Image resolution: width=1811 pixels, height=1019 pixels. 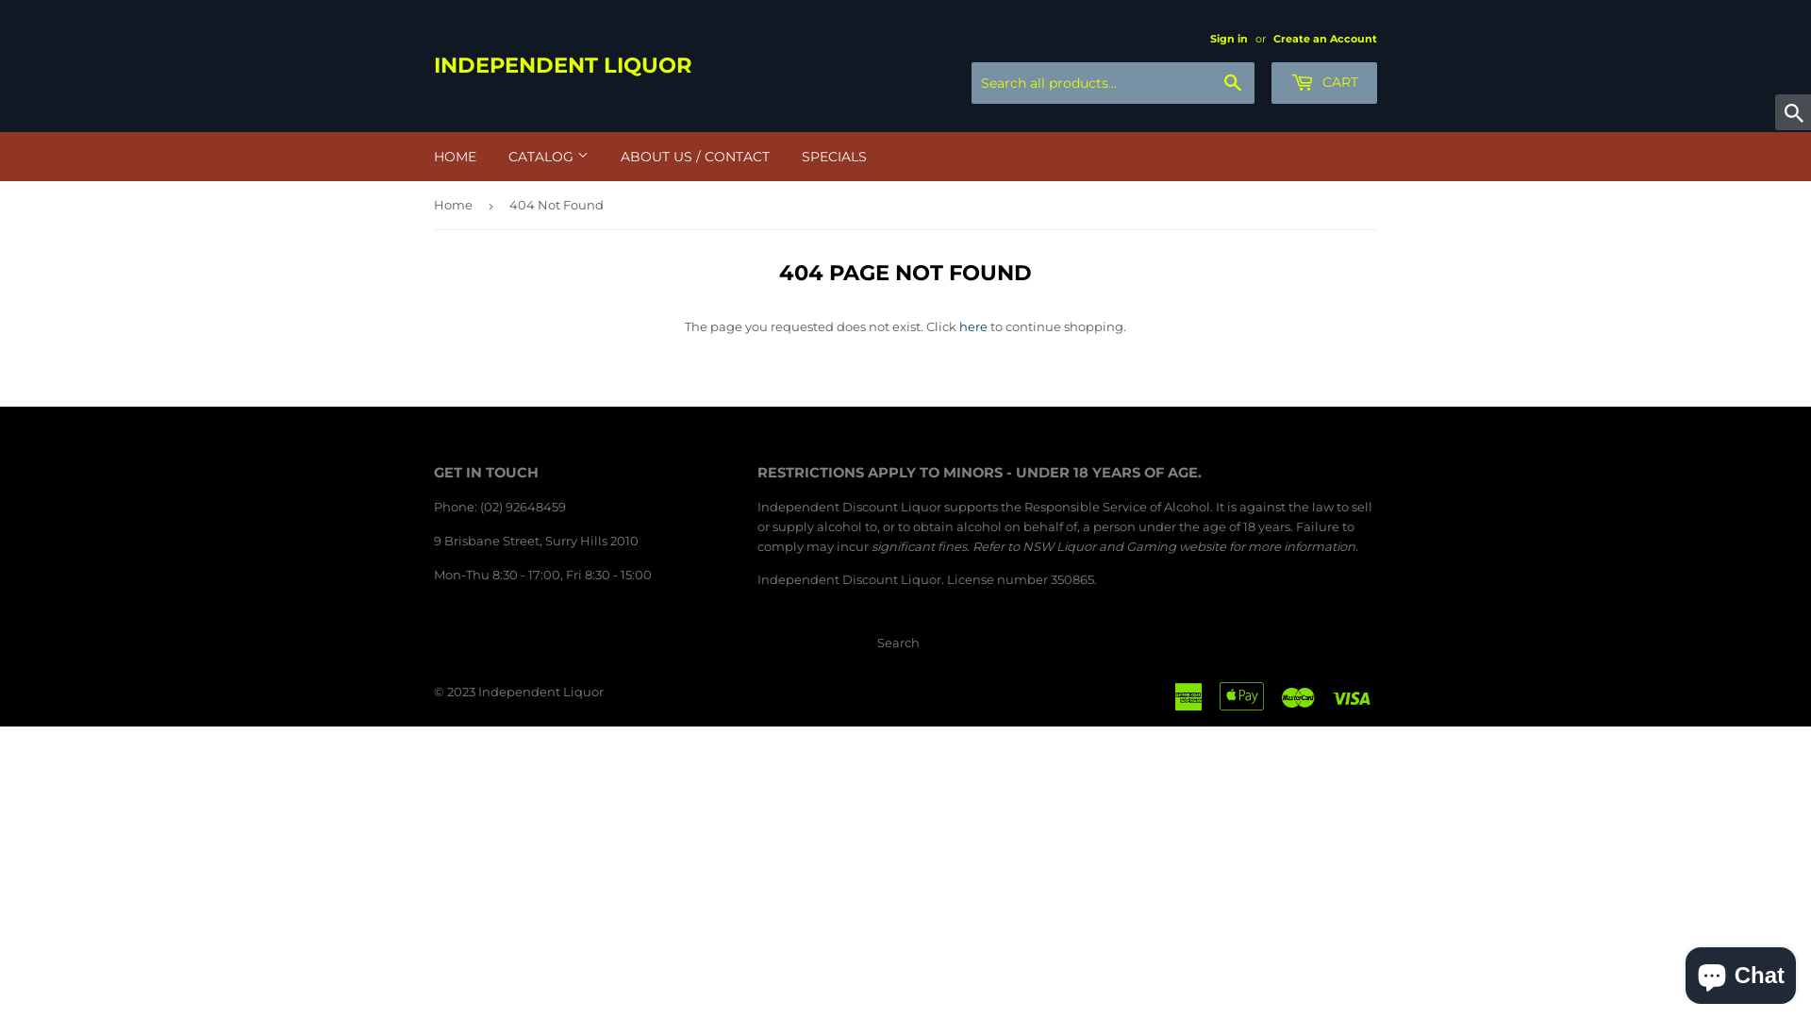 I want to click on 'Sign in', so click(x=1209, y=39).